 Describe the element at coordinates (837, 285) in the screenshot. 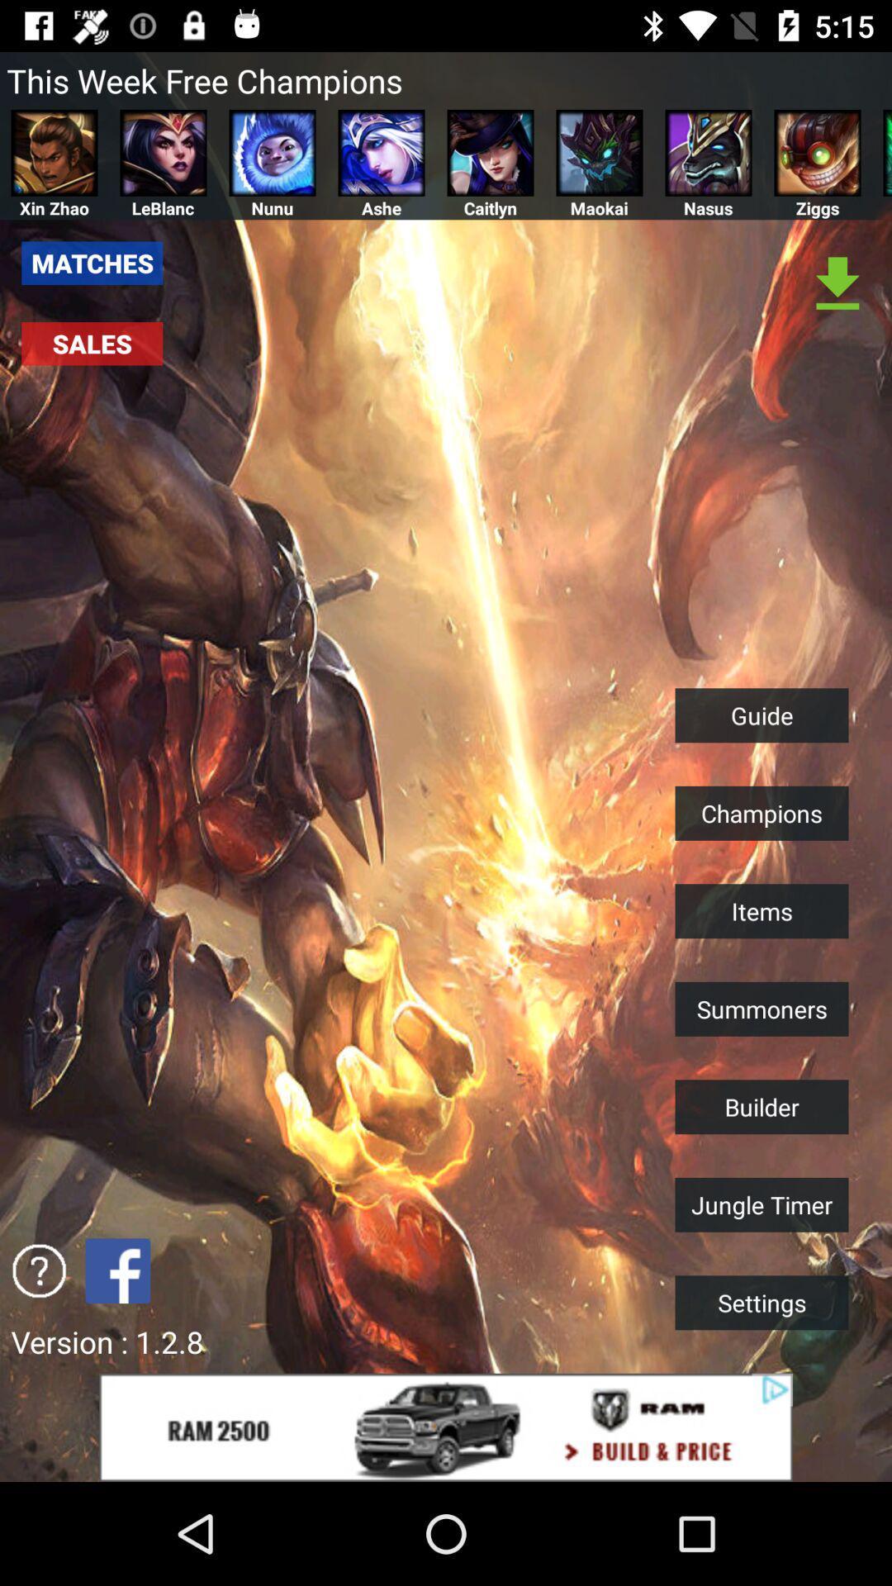

I see `download` at that location.